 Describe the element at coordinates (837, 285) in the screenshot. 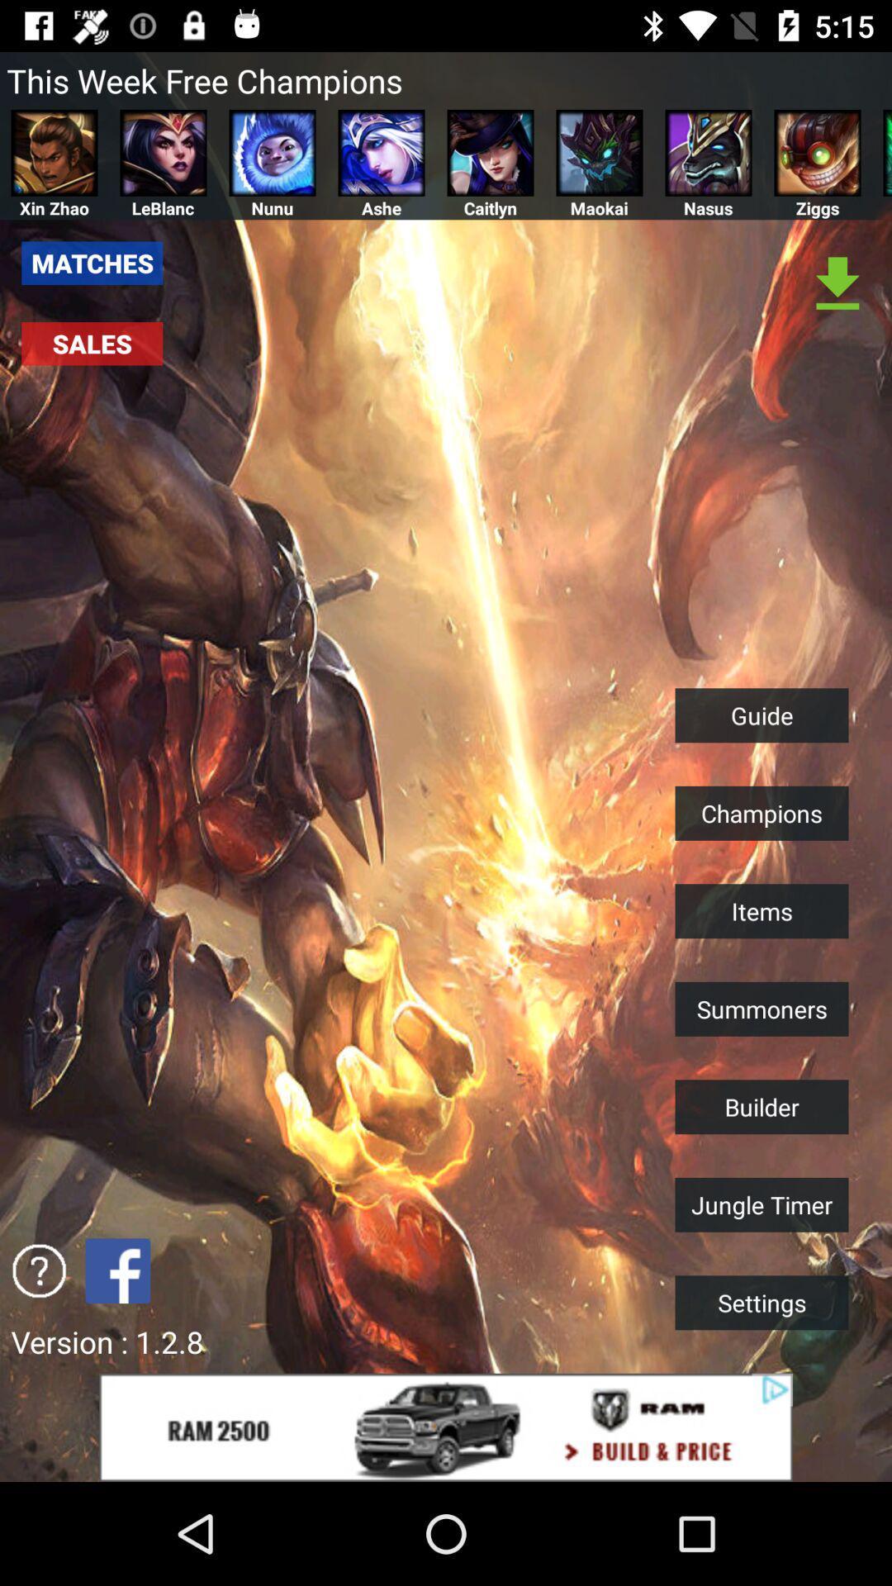

I see `download` at that location.